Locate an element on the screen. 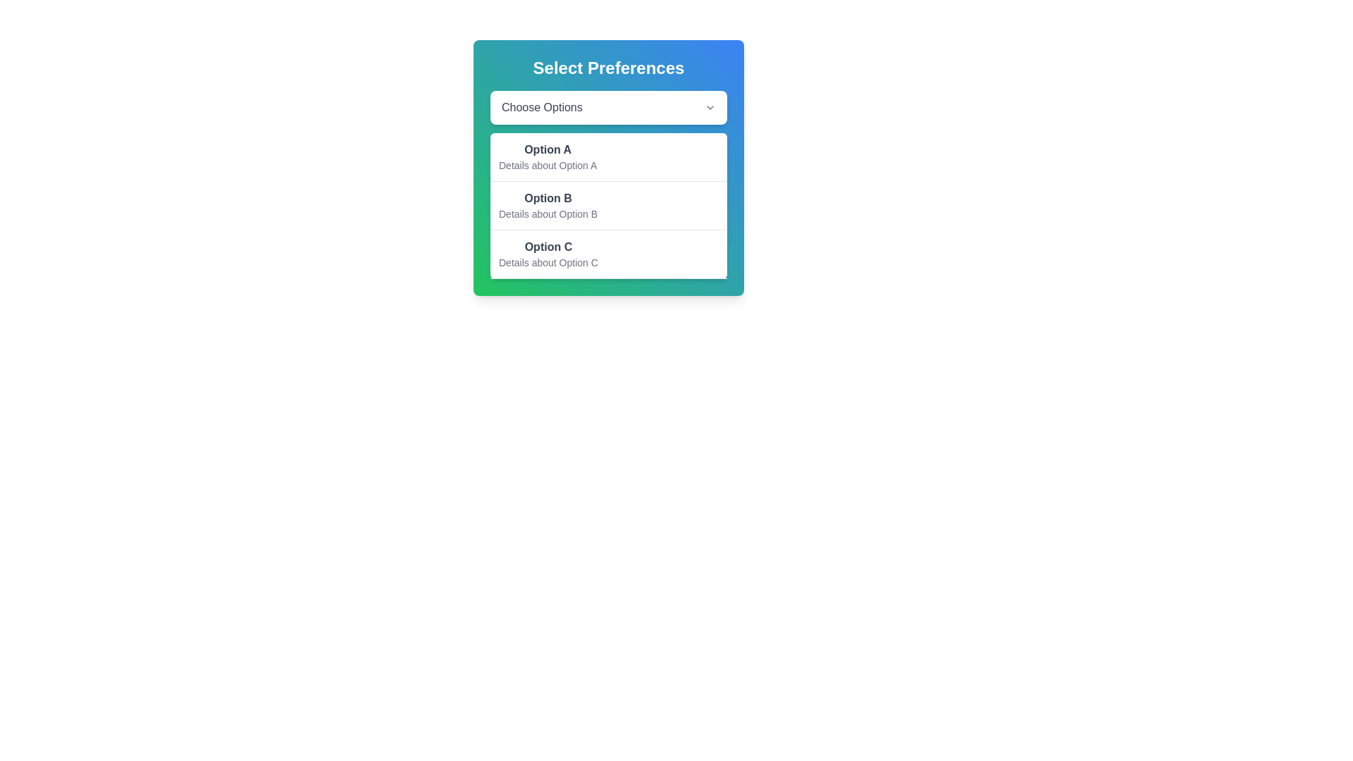 The image size is (1353, 761). the dropdown indicator icon located on the right-hand side of the 'Choose Options' bar is located at coordinates (710, 107).